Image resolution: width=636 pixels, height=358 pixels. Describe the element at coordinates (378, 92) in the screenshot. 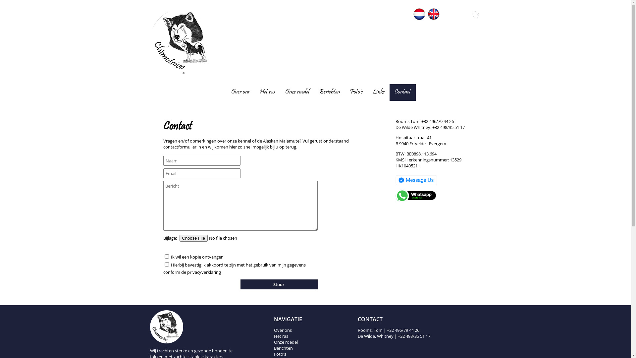

I see `'Links'` at that location.